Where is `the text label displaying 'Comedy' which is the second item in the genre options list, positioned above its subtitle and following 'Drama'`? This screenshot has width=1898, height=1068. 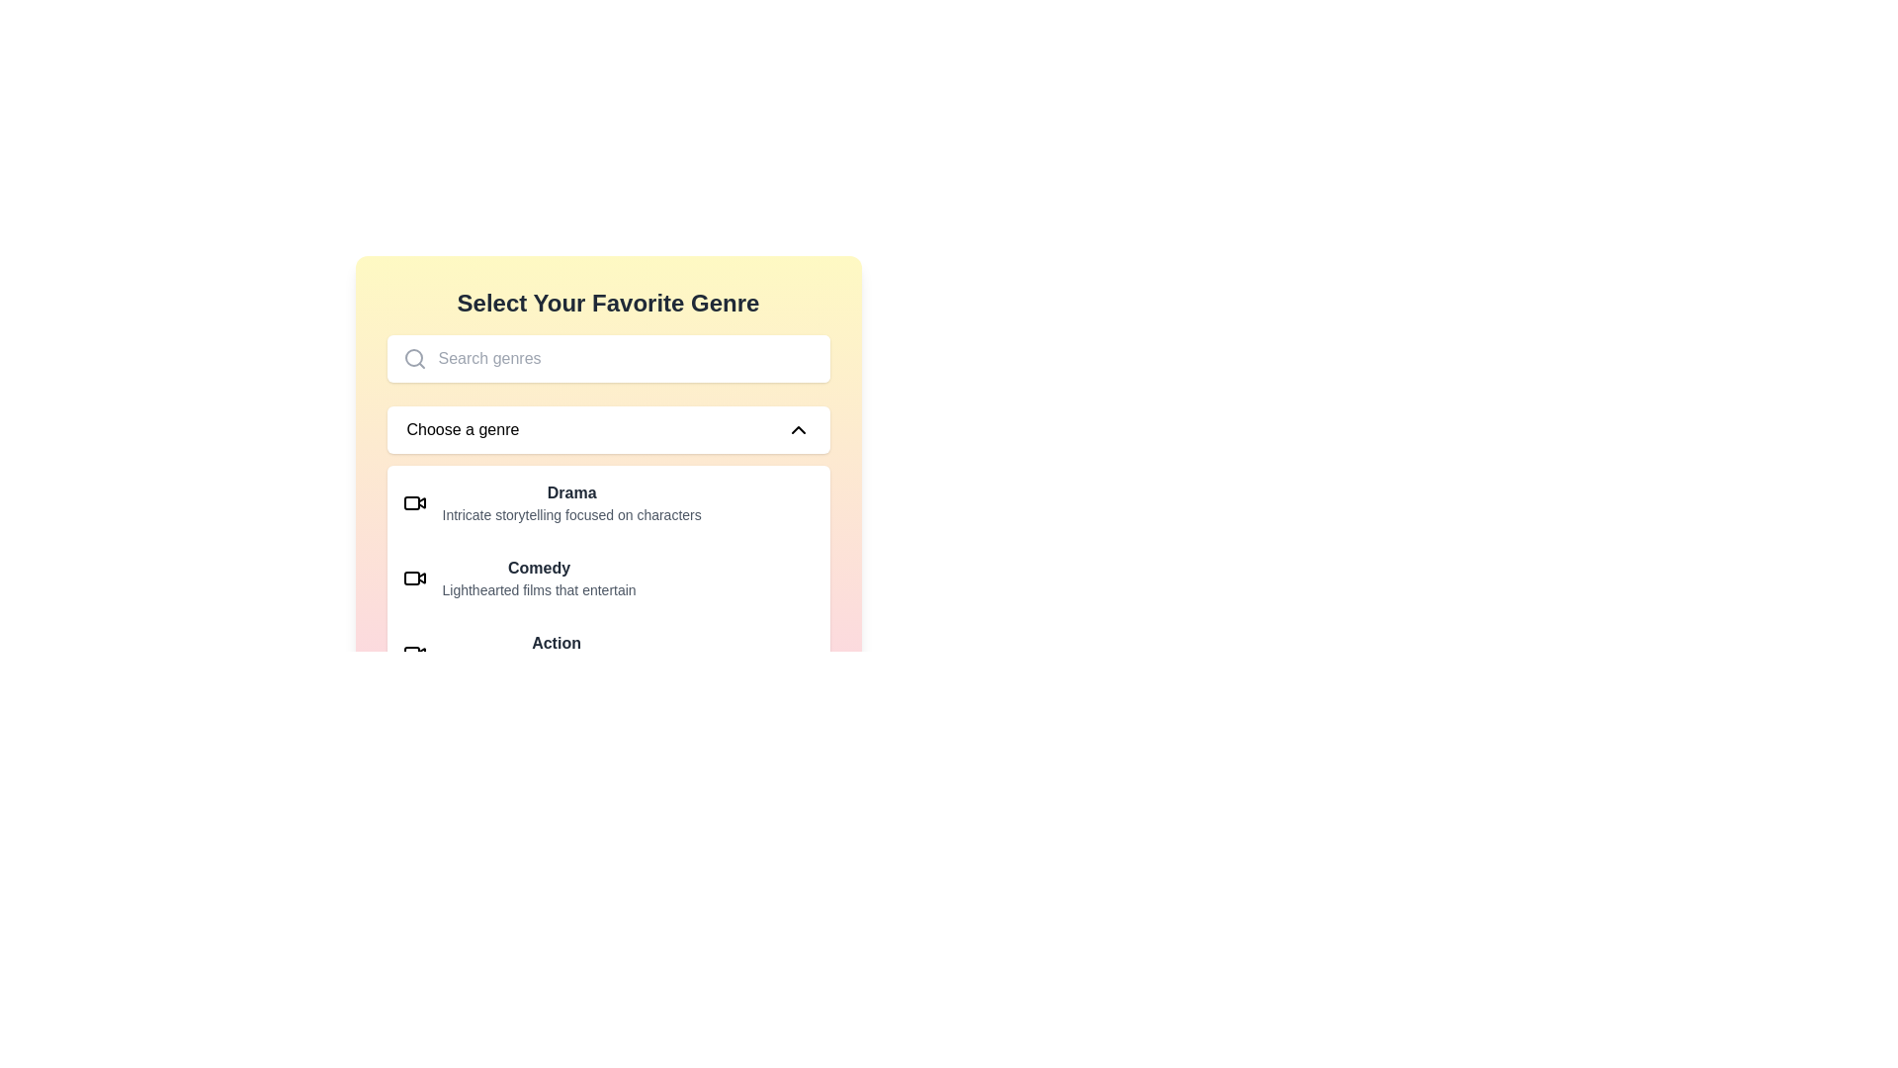
the text label displaying 'Comedy' which is the second item in the genre options list, positioned above its subtitle and following 'Drama' is located at coordinates (539, 568).